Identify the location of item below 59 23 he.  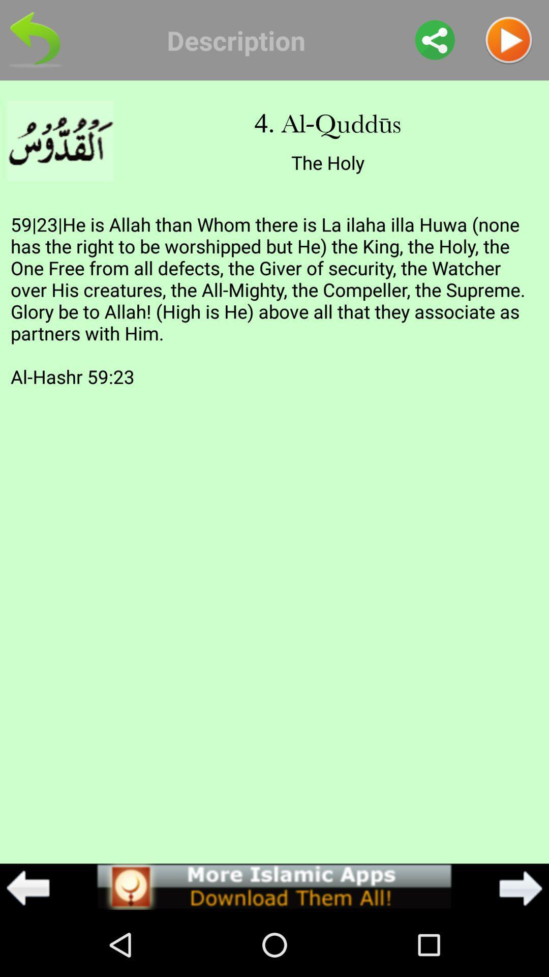
(521, 887).